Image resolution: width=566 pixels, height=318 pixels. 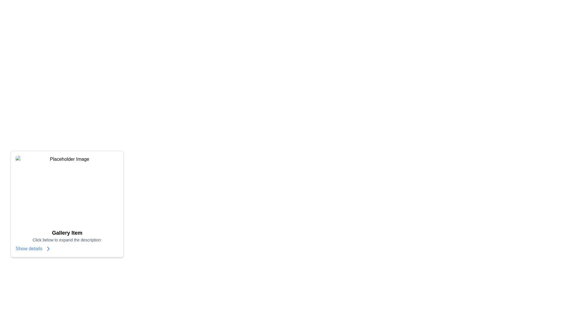 I want to click on the interactive text link 'Show details' styled in blue, located at the bottom section of the card component, so click(x=33, y=249).